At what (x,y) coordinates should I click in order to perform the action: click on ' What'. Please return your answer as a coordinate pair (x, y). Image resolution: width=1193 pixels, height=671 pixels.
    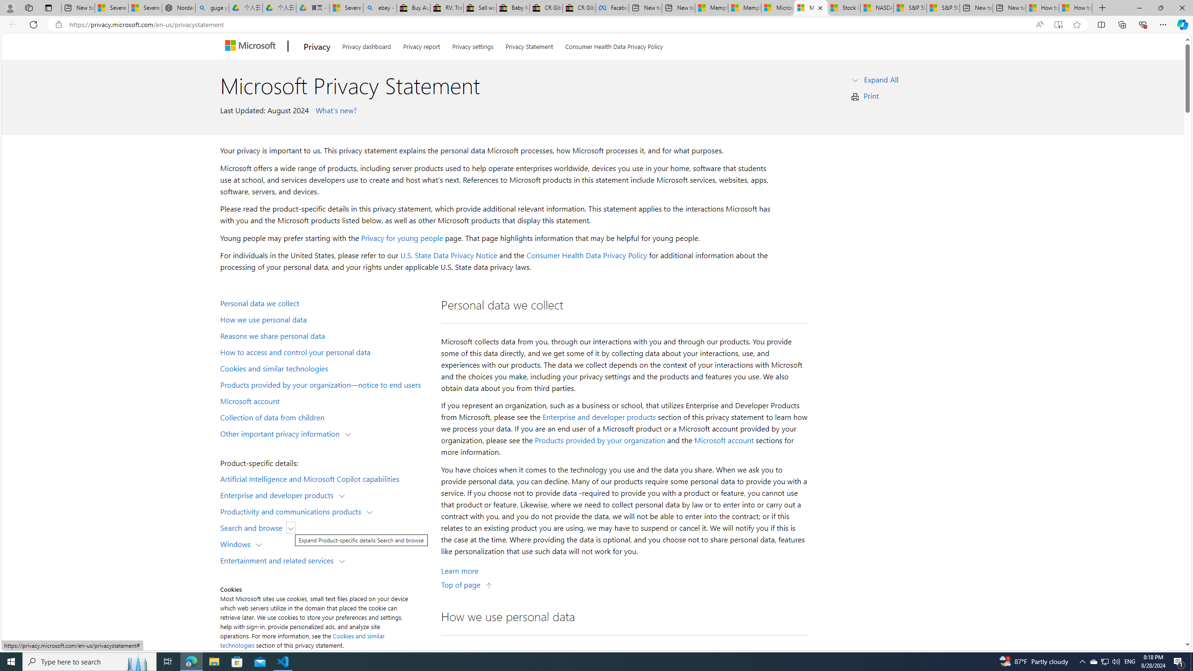
    Looking at the image, I should click on (334, 110).